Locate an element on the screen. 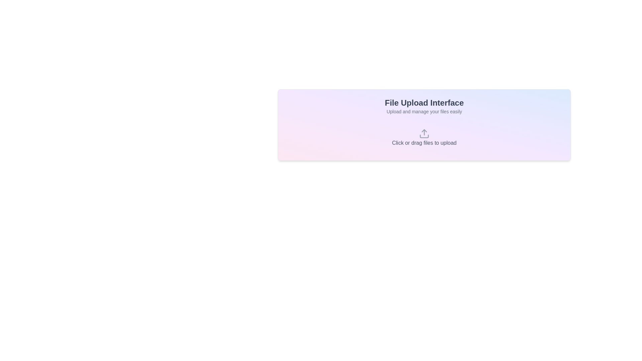 The width and height of the screenshot is (642, 361). the File upload area with dashed borders and rounded corners, which features an upload icon and the text 'Click or drag files to upload' is located at coordinates (424, 137).